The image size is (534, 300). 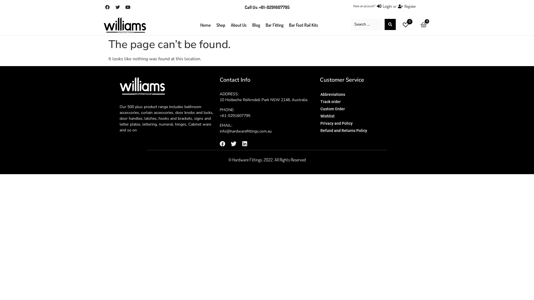 What do you see at coordinates (384, 6) in the screenshot?
I see `'Login'` at bounding box center [384, 6].